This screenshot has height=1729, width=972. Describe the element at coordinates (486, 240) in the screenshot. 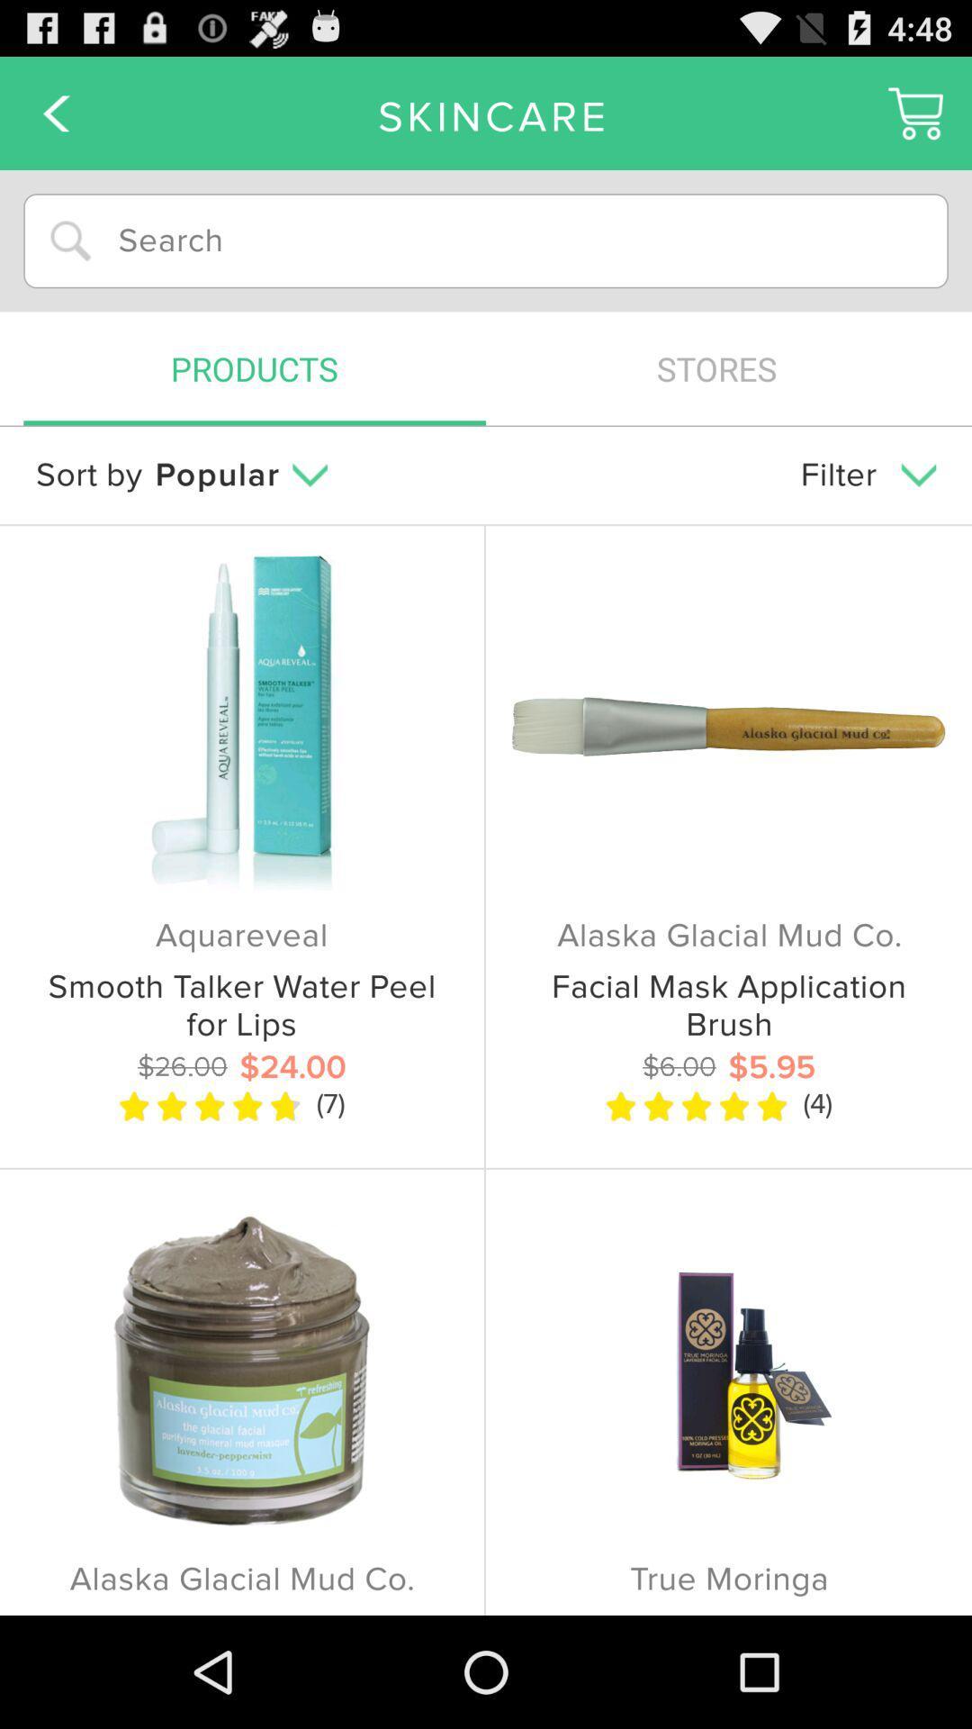

I see `input text` at that location.